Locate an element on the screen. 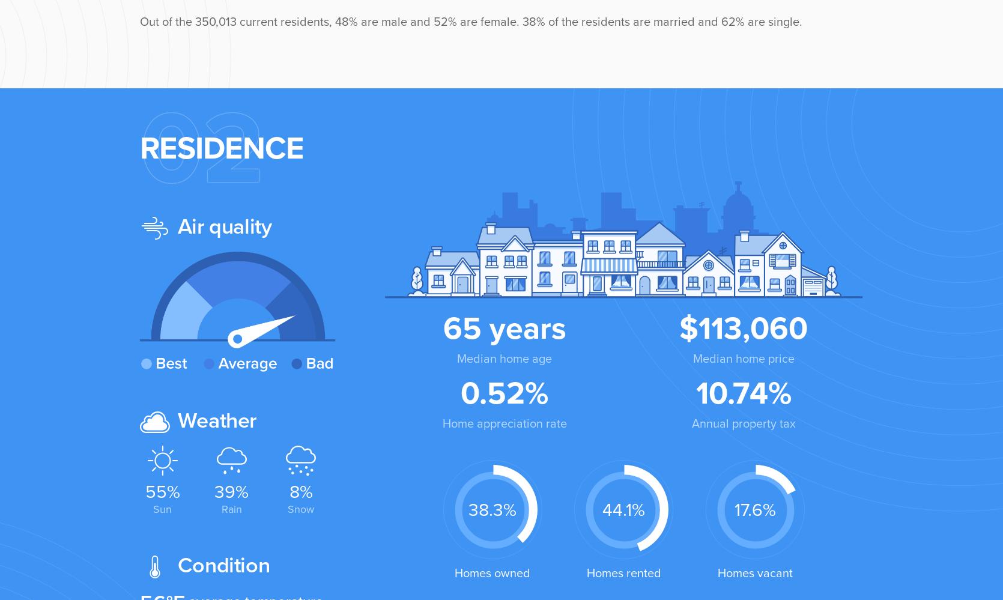 The width and height of the screenshot is (1003, 600). 'Weather' is located at coordinates (214, 420).